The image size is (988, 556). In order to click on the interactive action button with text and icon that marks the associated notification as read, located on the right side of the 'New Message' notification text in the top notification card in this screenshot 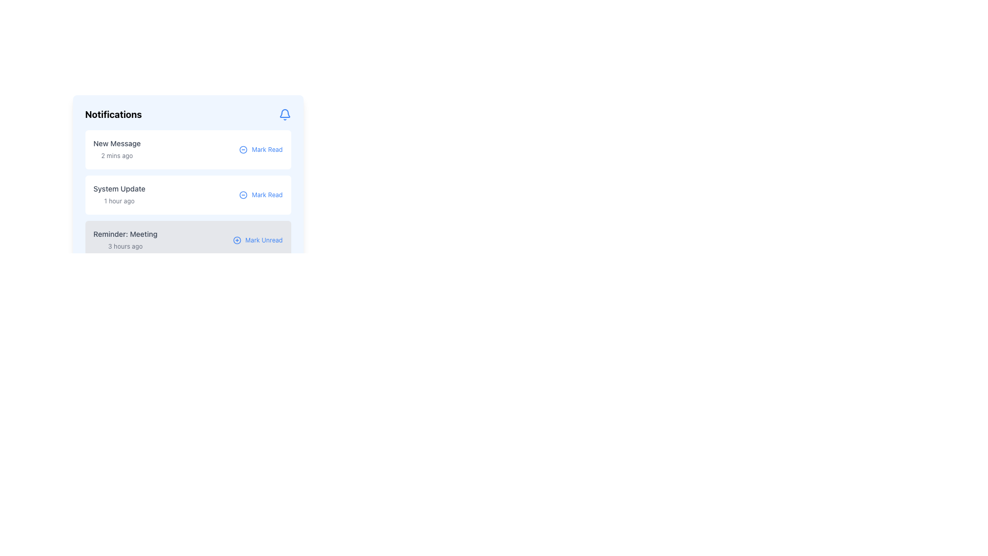, I will do `click(261, 149)`.